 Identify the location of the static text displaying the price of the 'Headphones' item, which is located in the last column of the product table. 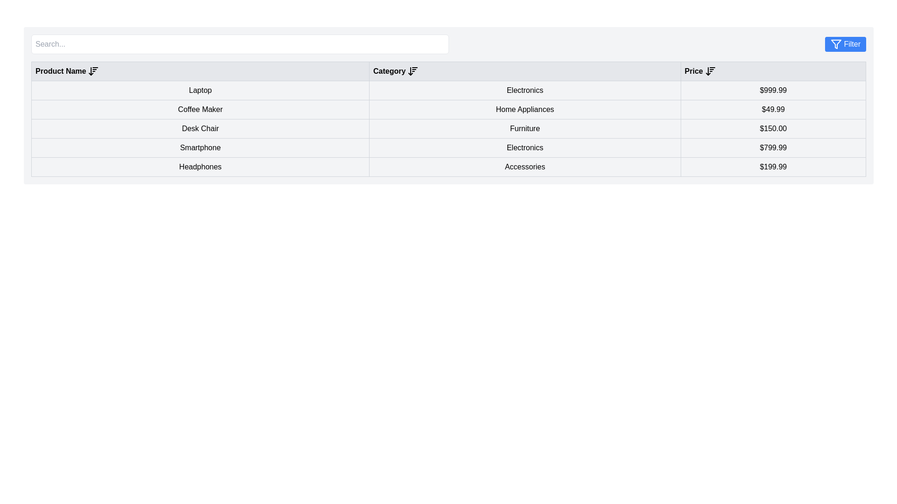
(773, 167).